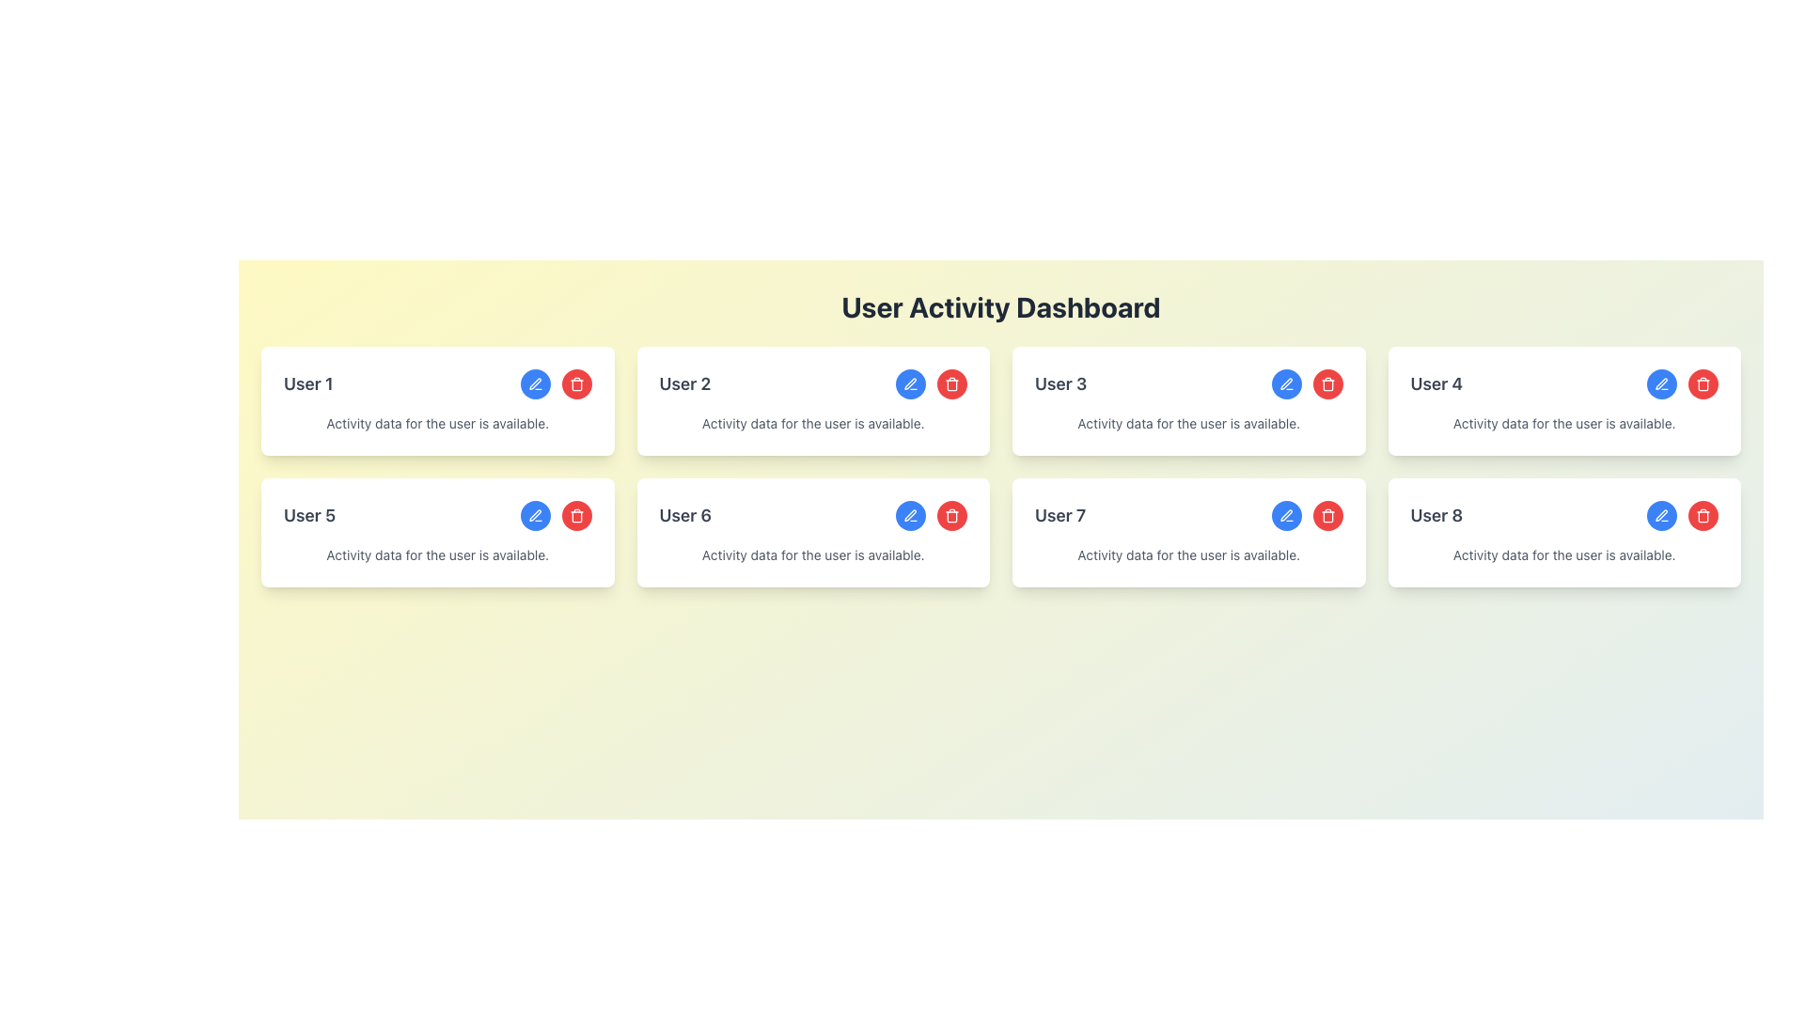  What do you see at coordinates (555, 515) in the screenshot?
I see `the blue edit button located in the horizontal button group to the right of 'User 5'` at bounding box center [555, 515].